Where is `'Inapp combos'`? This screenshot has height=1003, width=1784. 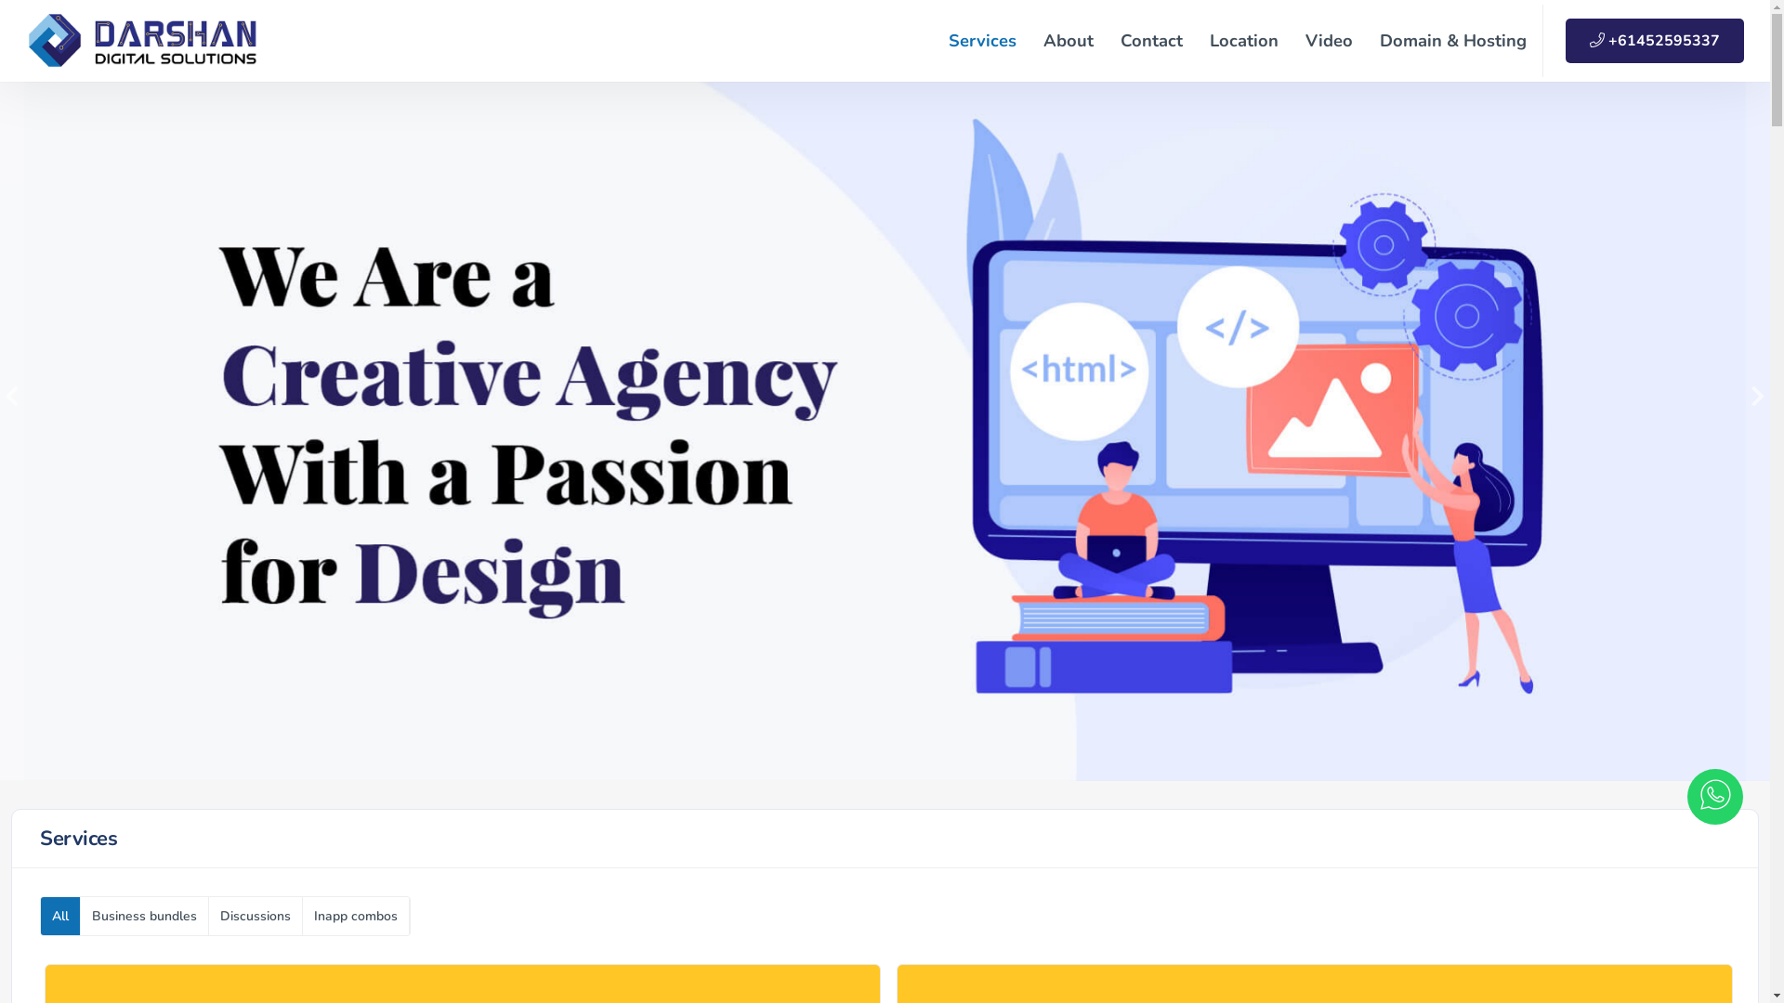
'Inapp combos' is located at coordinates (303, 915).